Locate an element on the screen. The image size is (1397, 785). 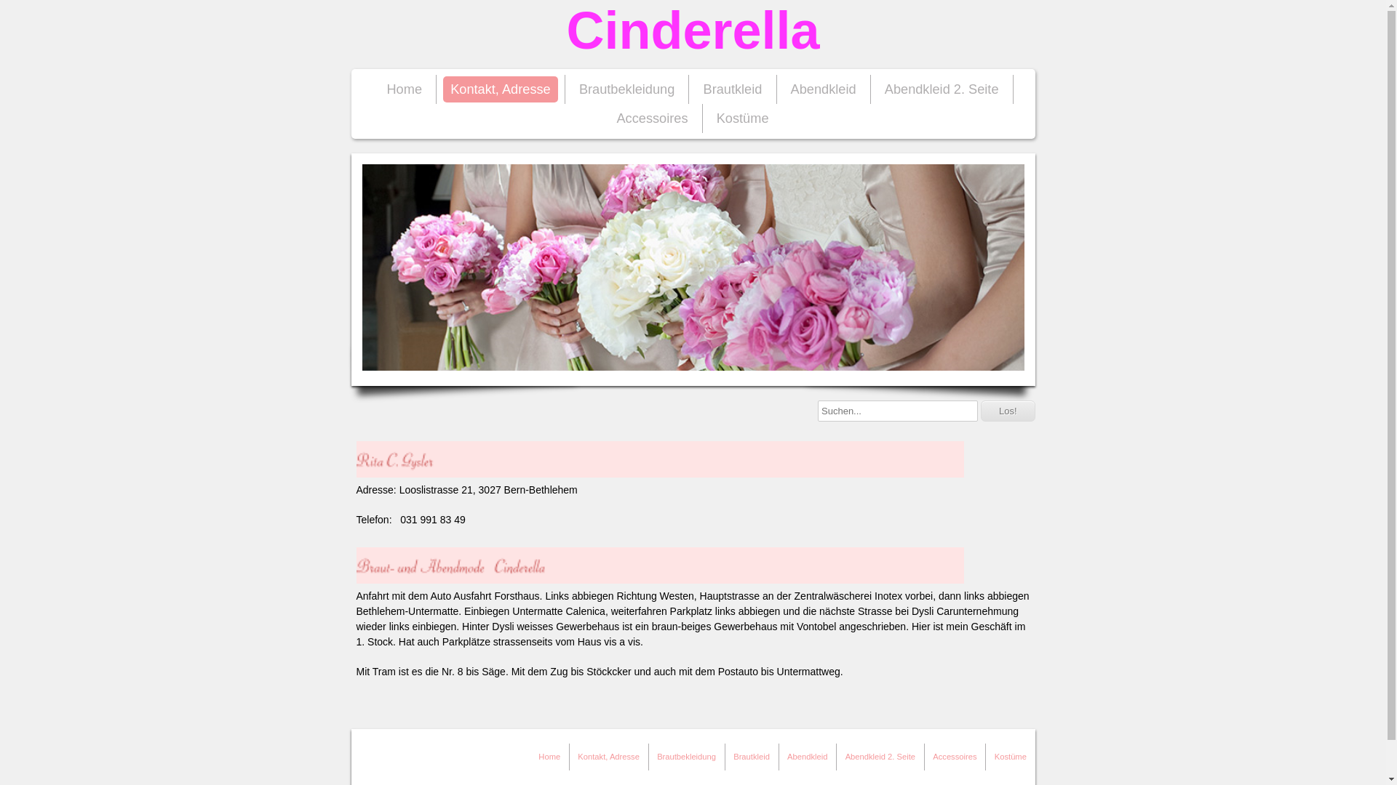
'Abendkleid 2. Seite' is located at coordinates (879, 756).